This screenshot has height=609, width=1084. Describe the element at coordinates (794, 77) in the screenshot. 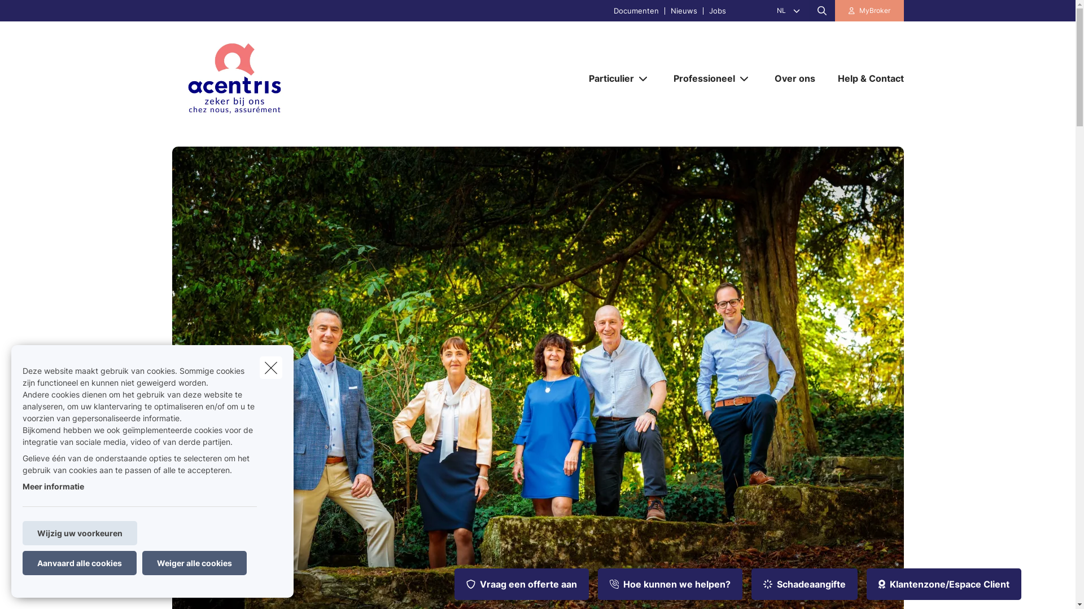

I see `'Over ons'` at that location.